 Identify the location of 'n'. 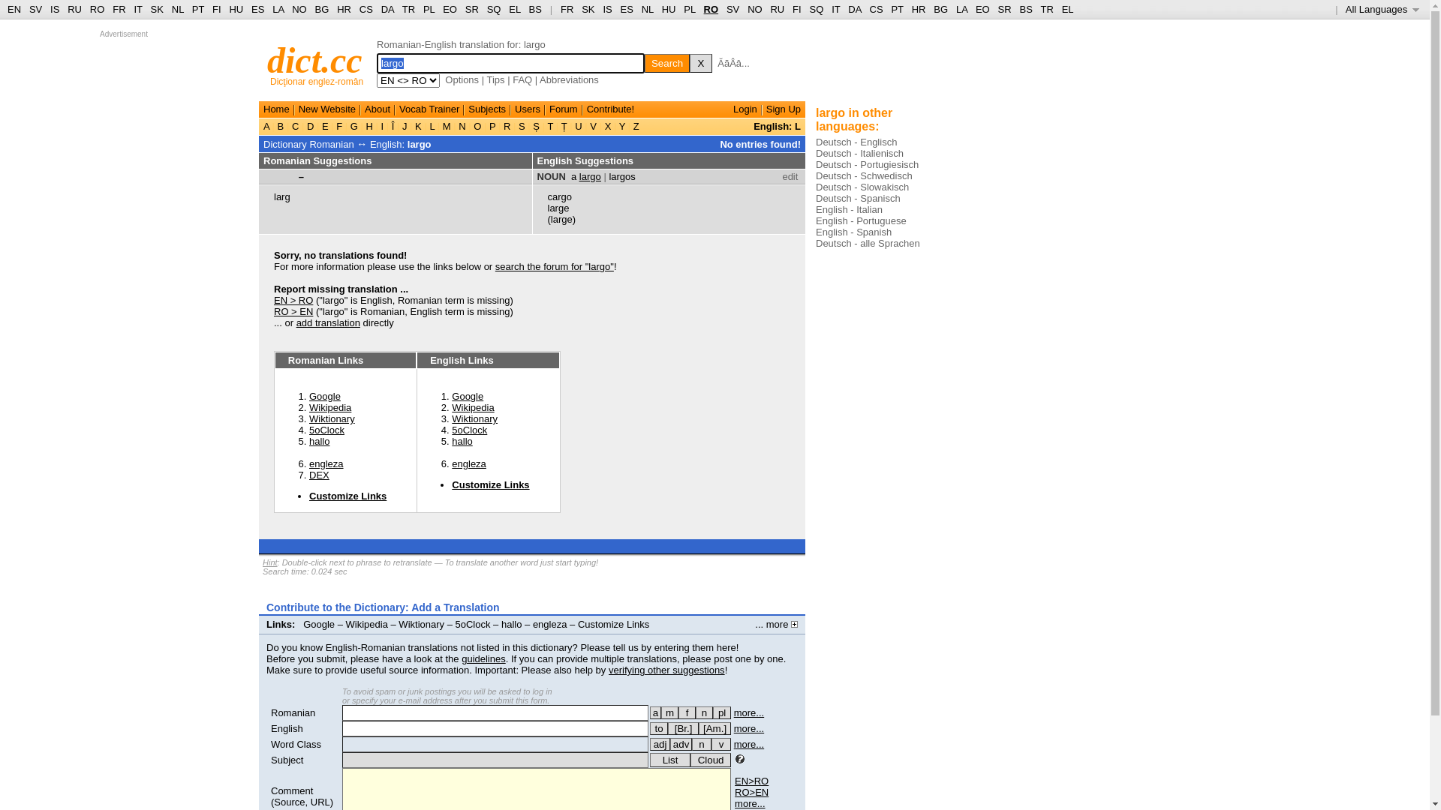
(703, 712).